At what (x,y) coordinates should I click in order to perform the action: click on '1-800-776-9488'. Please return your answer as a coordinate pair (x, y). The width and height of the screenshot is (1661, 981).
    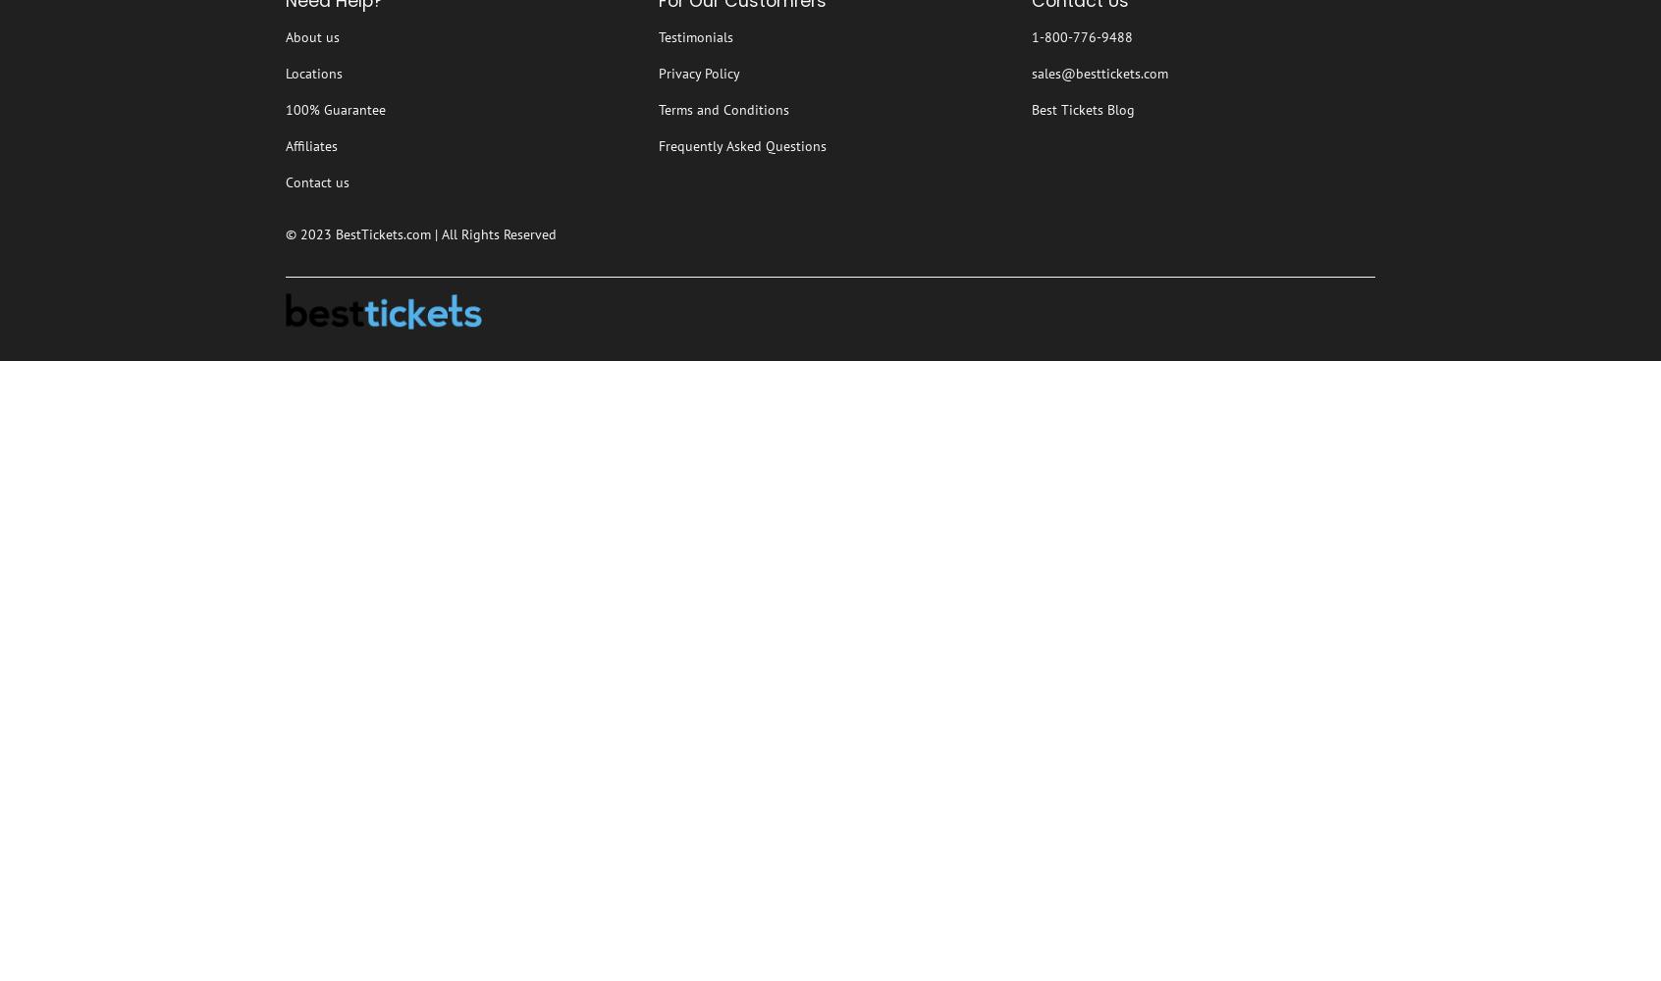
    Looking at the image, I should click on (1031, 37).